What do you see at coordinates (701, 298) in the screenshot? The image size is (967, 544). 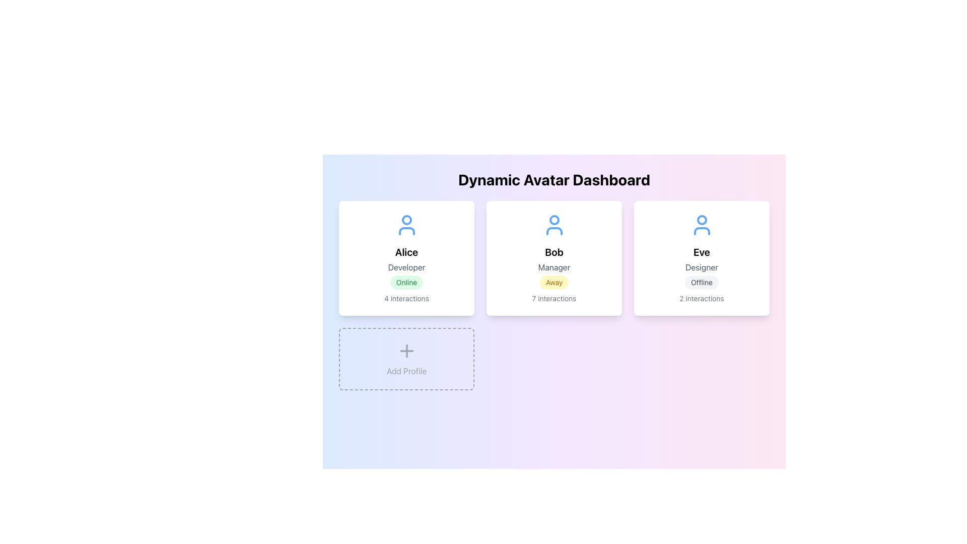 I see `text from the informational Text Label located at the bottom of Eve's profile card, which summarizes interactions related to her profile` at bounding box center [701, 298].